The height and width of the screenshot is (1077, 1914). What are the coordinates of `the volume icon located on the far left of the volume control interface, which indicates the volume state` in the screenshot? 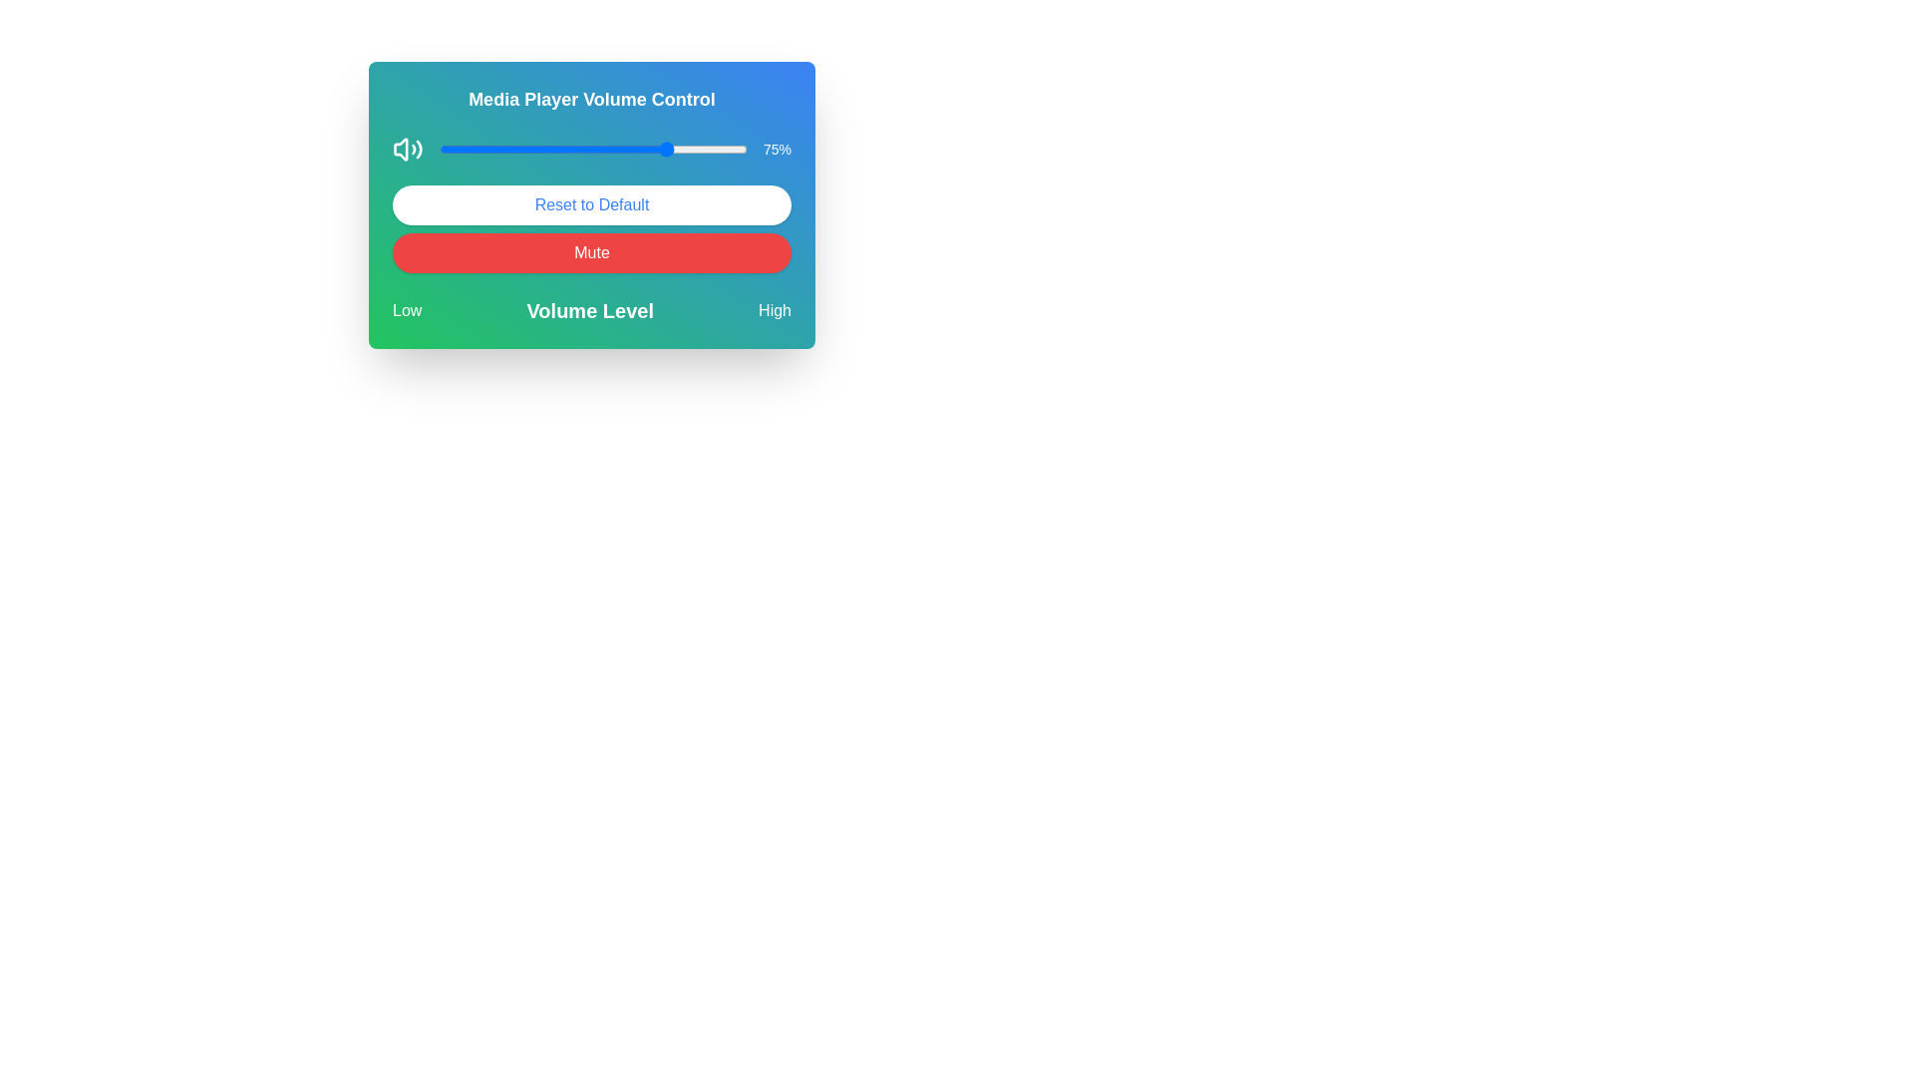 It's located at (407, 149).